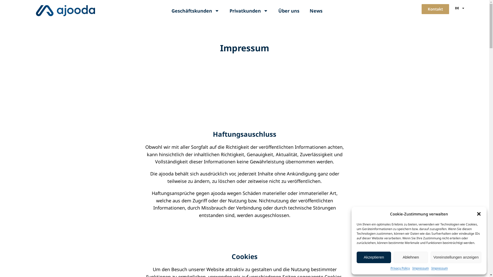  Describe the element at coordinates (430, 265) in the screenshot. I see `'WhatsApp Chat'` at that location.